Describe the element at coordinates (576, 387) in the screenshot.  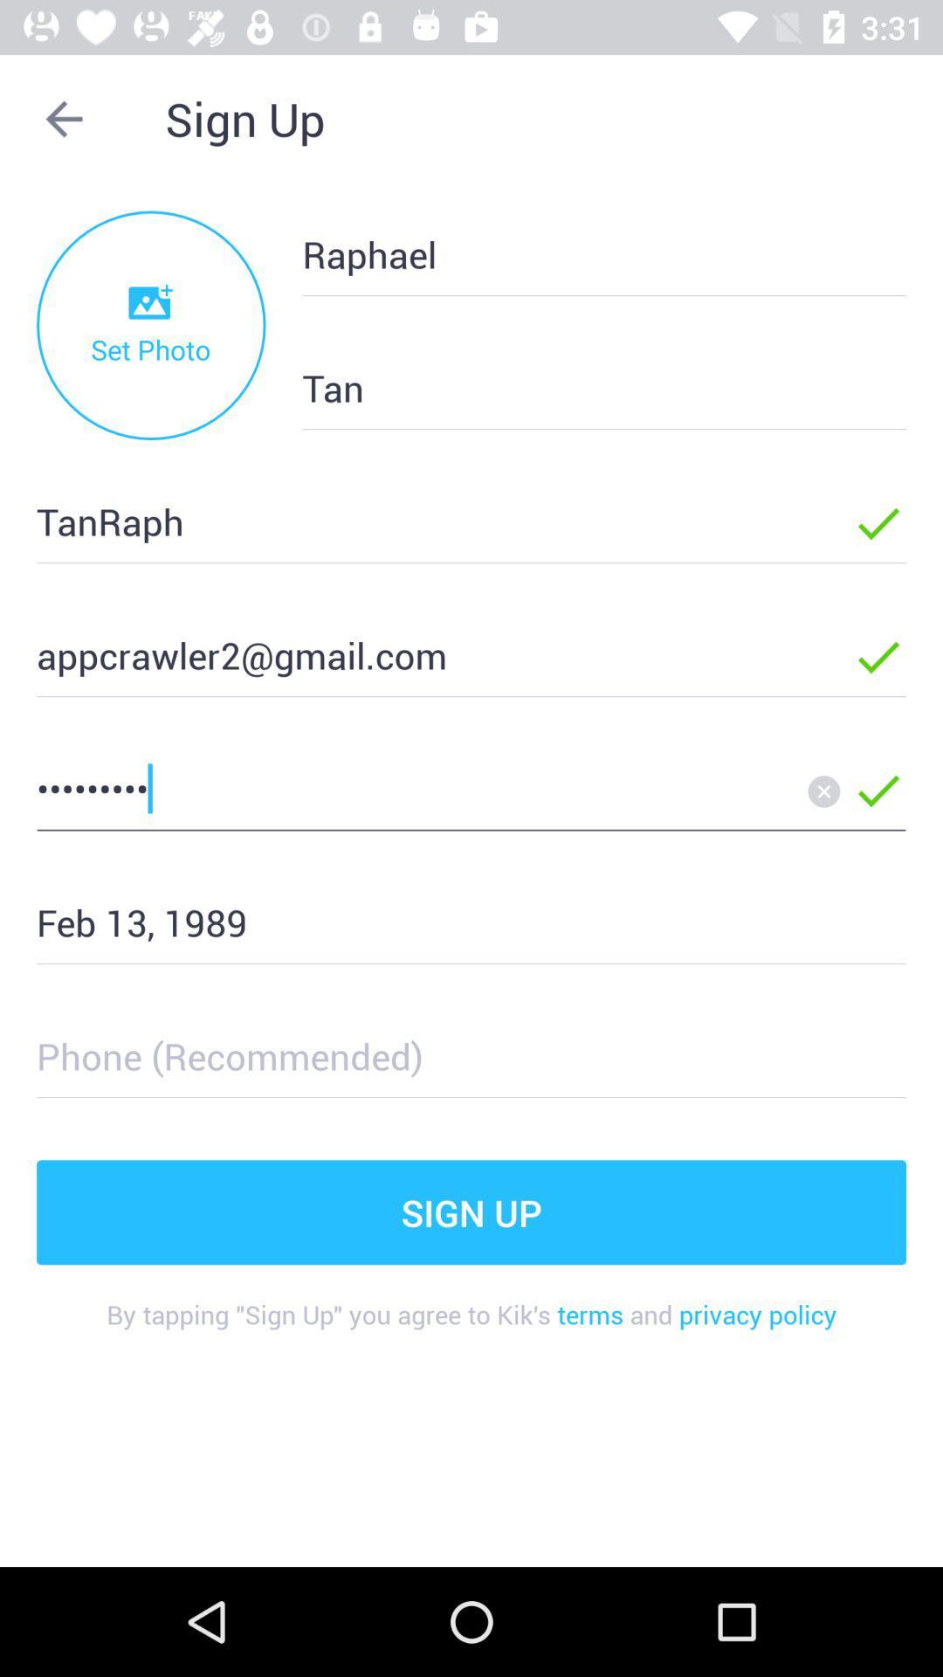
I see `the item to the right of the set photo item` at that location.